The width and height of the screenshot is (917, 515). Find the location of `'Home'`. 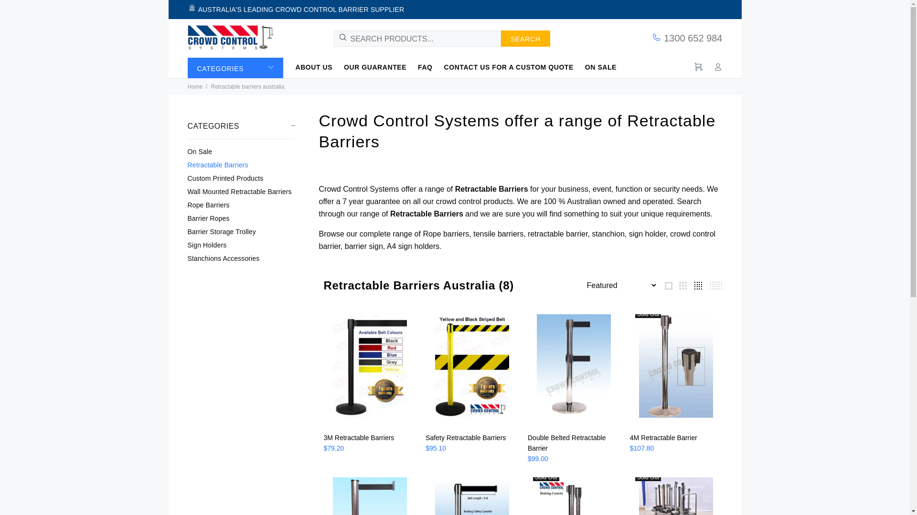

'Home' is located at coordinates (194, 86).